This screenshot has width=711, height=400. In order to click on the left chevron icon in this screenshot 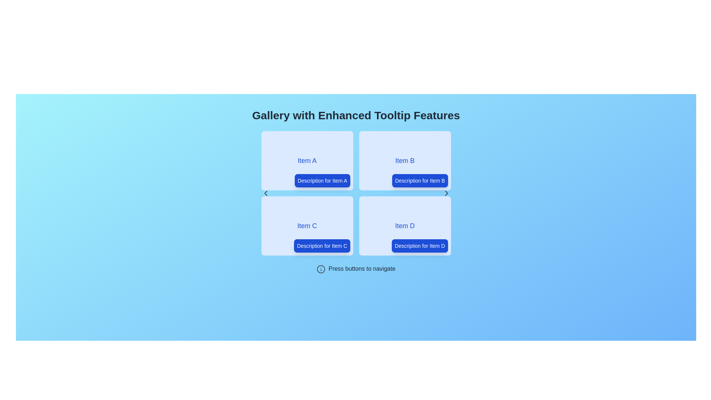, I will do `click(266, 193)`.